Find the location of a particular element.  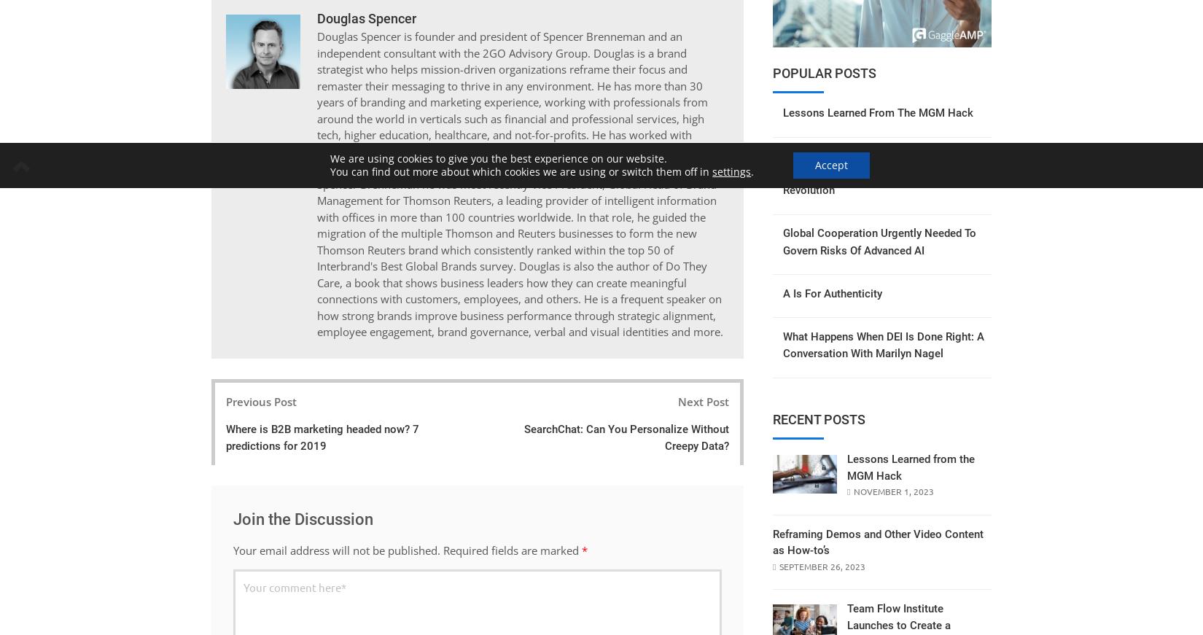

'Douglas Spencer' is located at coordinates (365, 17).